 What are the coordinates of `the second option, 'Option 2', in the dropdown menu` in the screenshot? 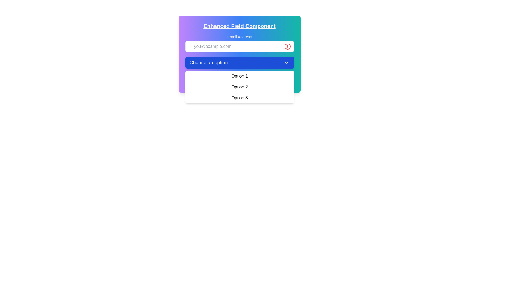 It's located at (239, 87).